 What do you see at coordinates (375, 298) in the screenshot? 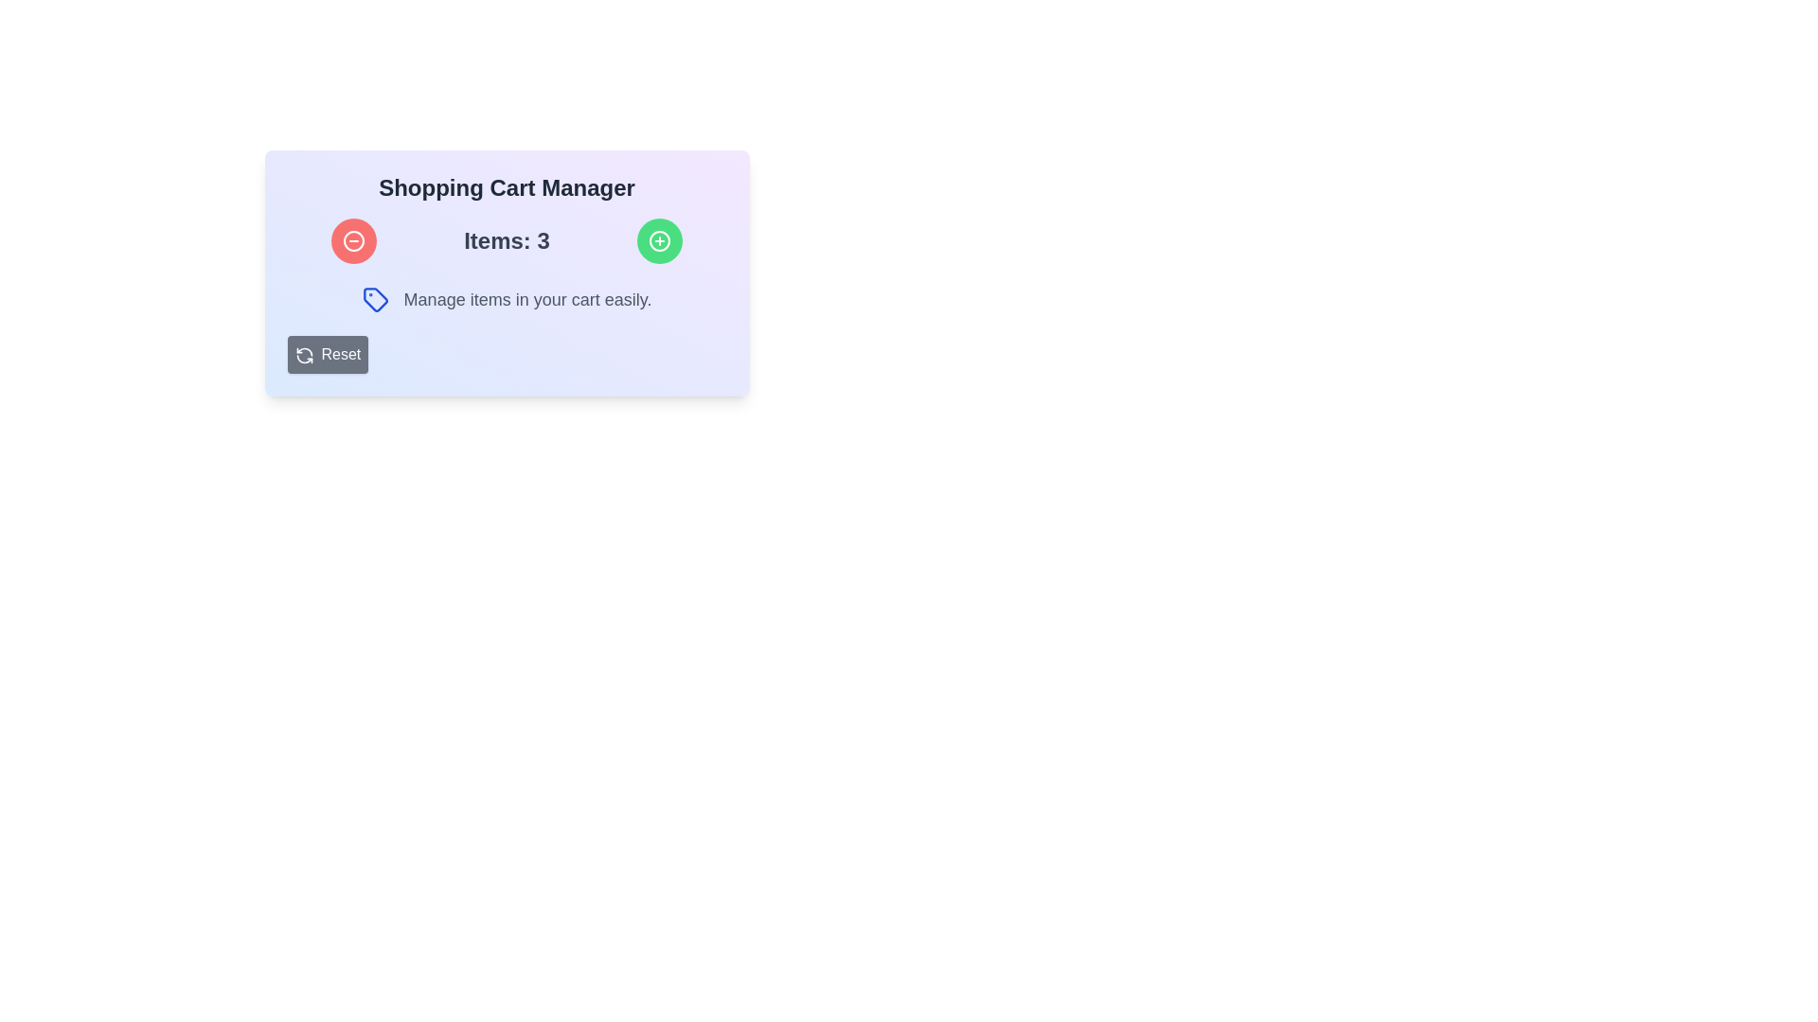
I see `the blue tag icon located to the left of the text 'Manage items in your cart easily.'` at bounding box center [375, 298].